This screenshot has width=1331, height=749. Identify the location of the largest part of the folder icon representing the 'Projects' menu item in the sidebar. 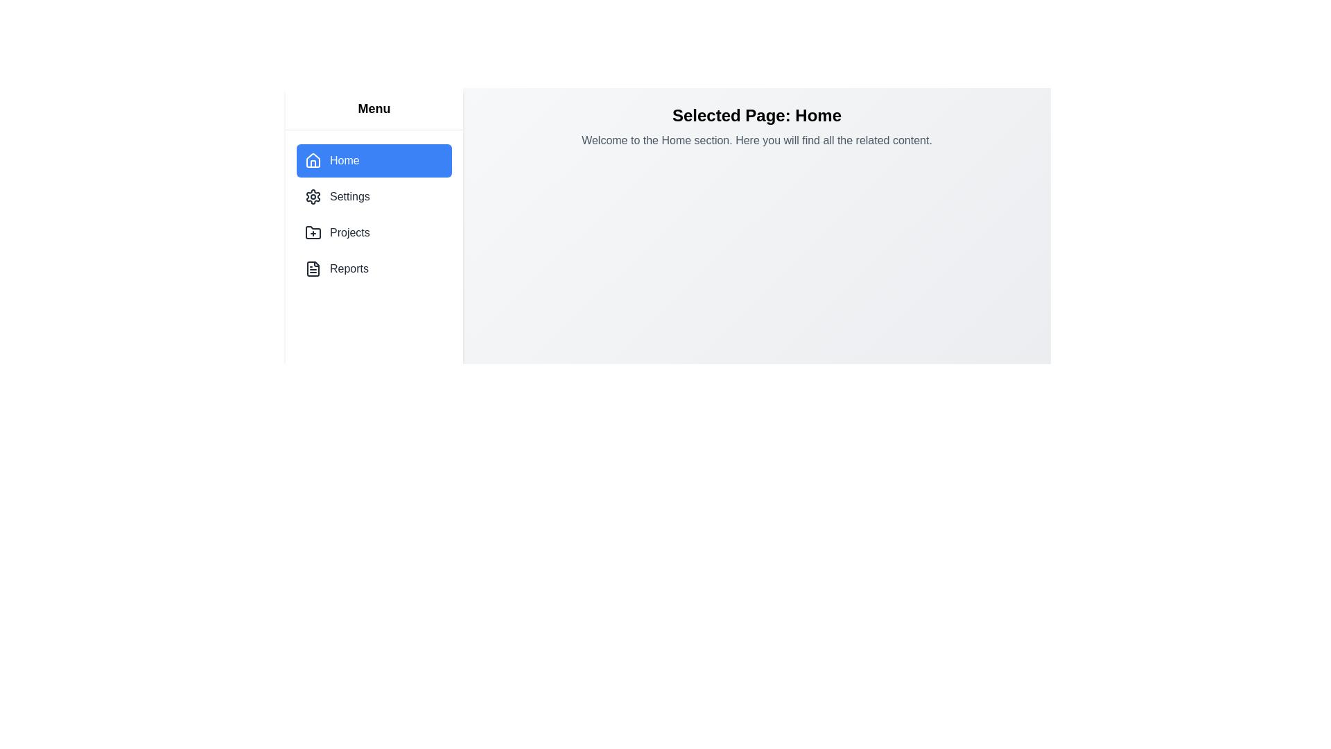
(312, 232).